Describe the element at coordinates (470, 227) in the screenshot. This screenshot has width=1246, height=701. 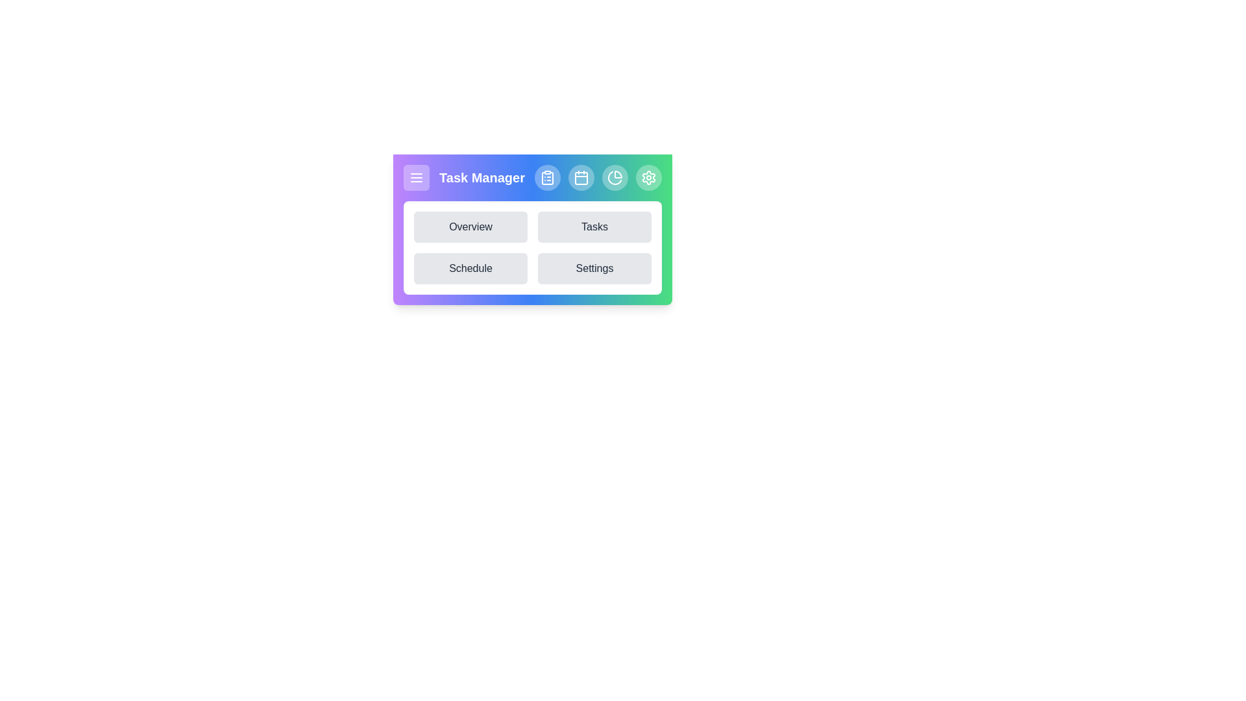
I see `the button labeled Overview to observe visual feedback` at that location.